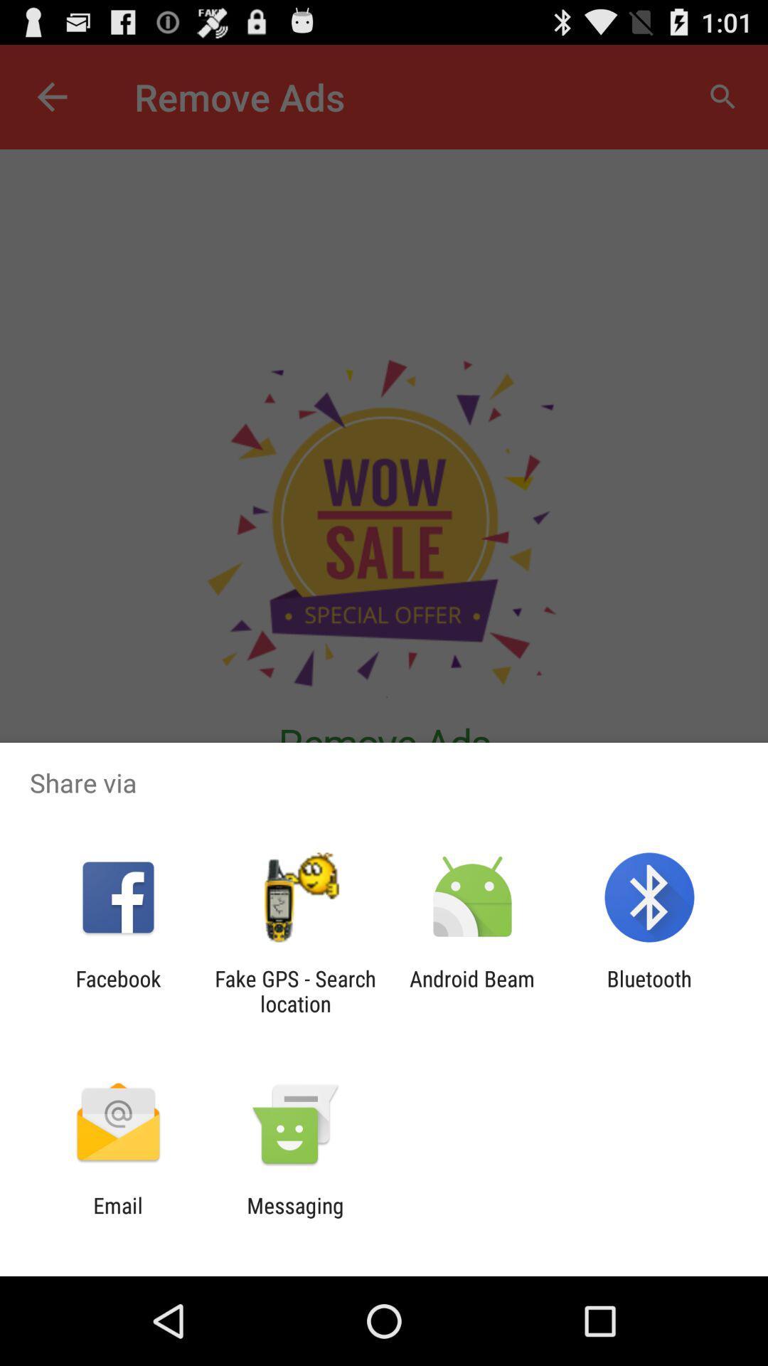  What do you see at coordinates (117, 1217) in the screenshot?
I see `the email icon` at bounding box center [117, 1217].